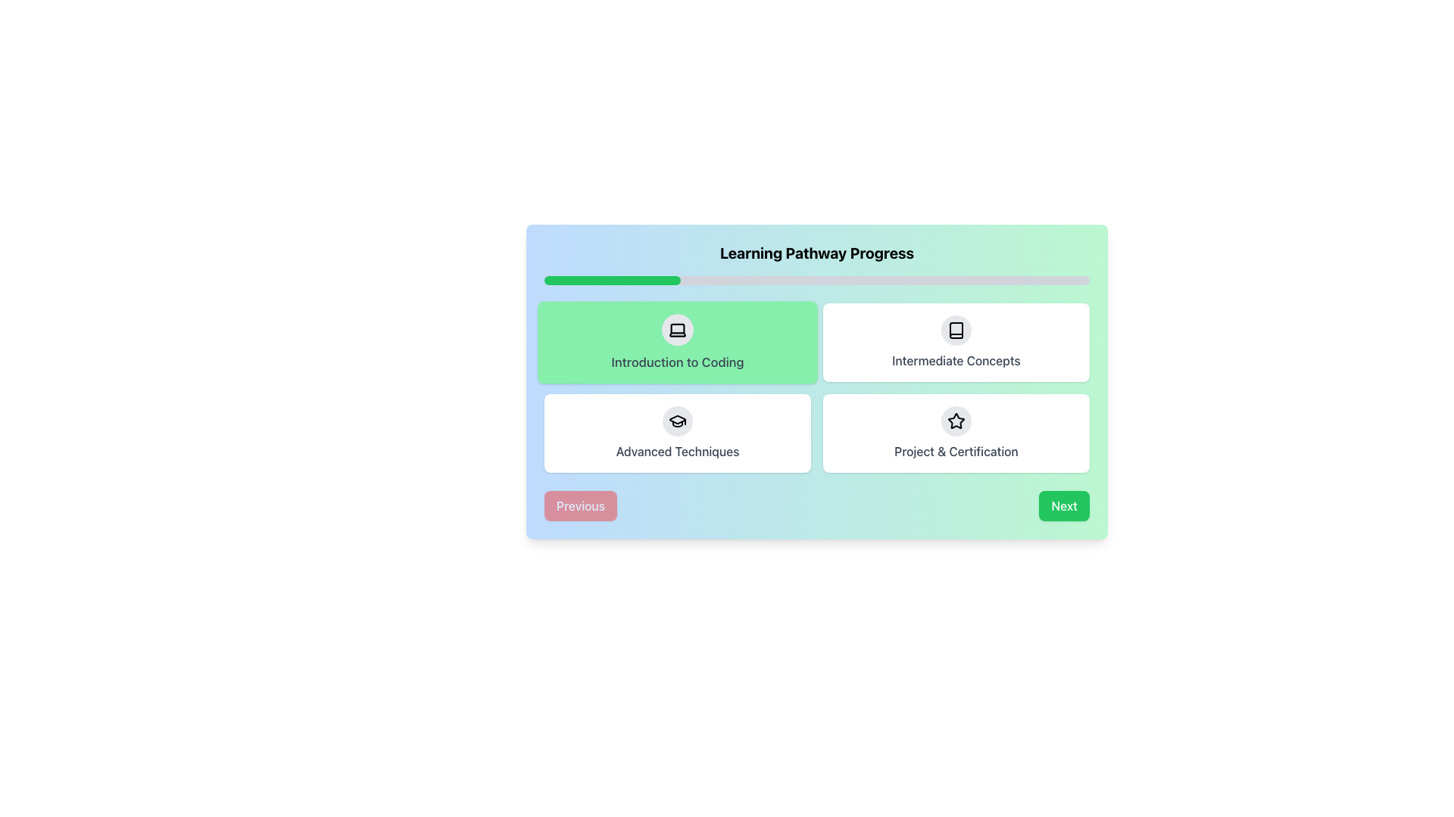  Describe the element at coordinates (676, 433) in the screenshot. I see `the card labeled 'Advanced Techniques', which has a graduation cap icon and is the third card in a 2-row grid layout, located in the bottom-left corner of the grid` at that location.